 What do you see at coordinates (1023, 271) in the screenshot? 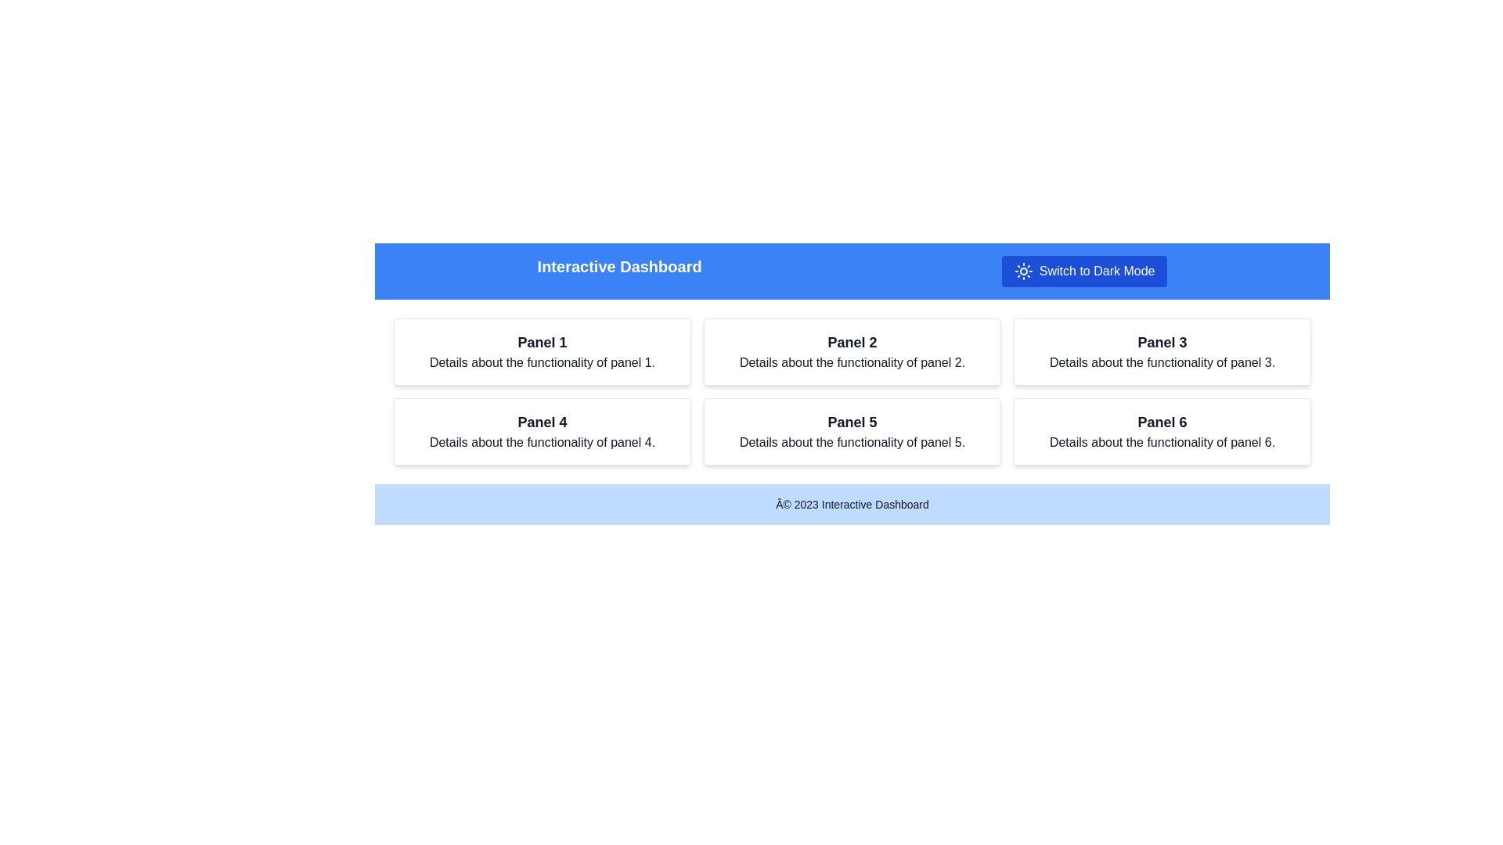
I see `the 'Switch to Dark Mode' button located at the top-right corner of the interface` at bounding box center [1023, 271].